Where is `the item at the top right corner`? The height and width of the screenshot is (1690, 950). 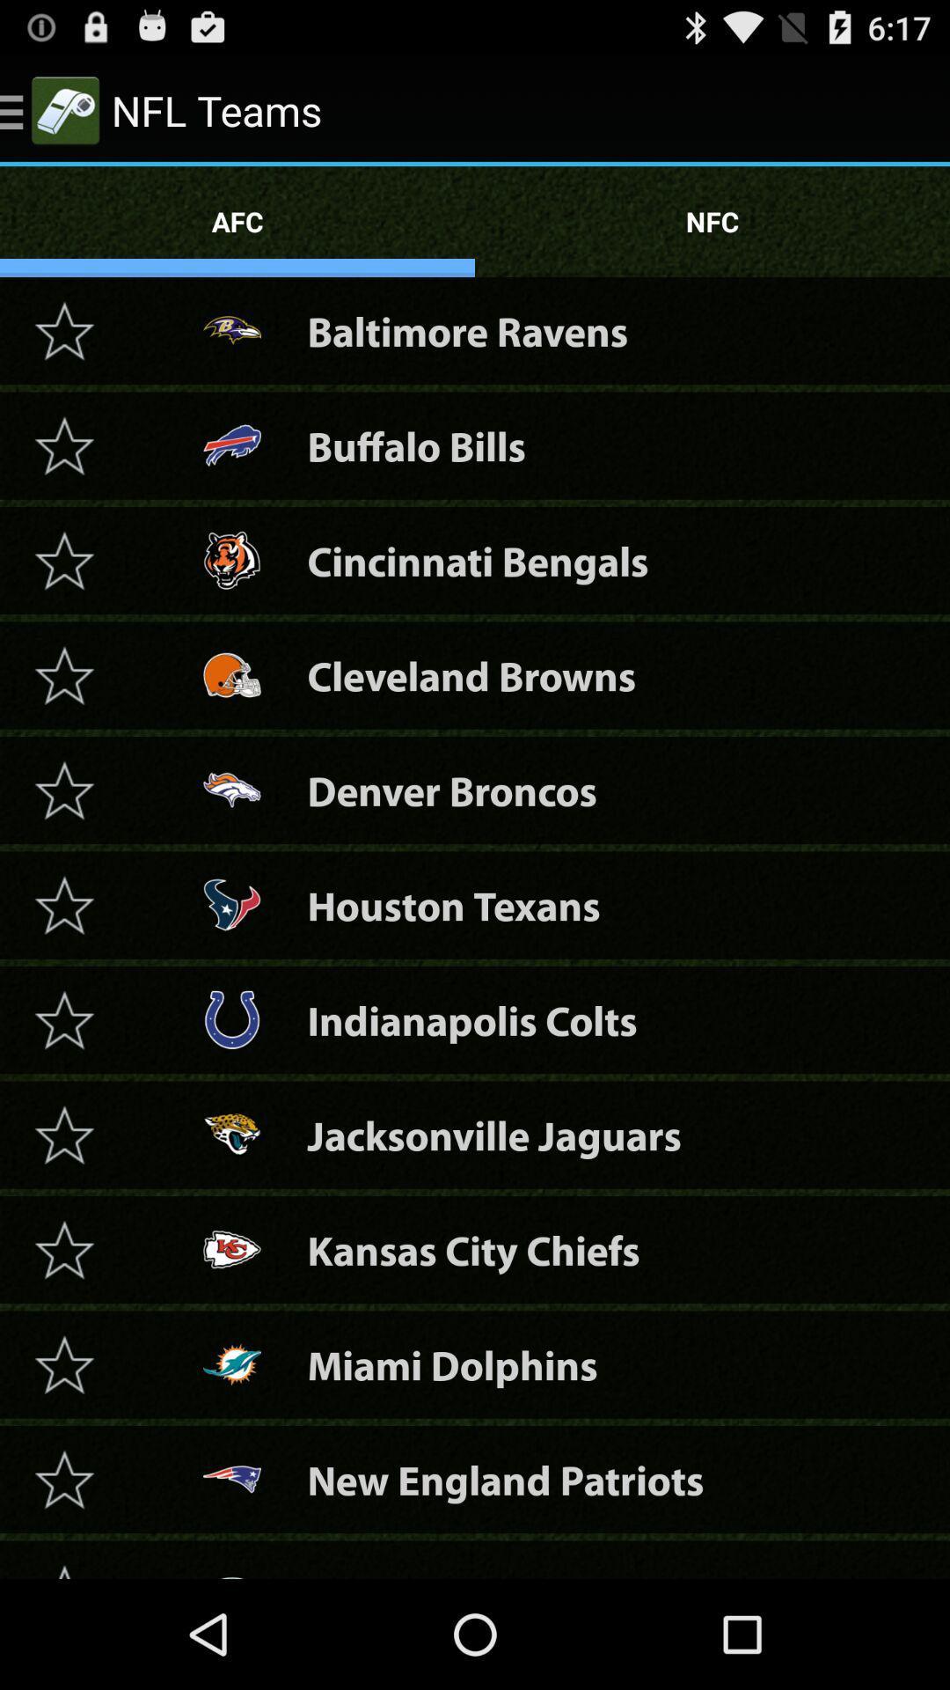 the item at the top right corner is located at coordinates (712, 221).